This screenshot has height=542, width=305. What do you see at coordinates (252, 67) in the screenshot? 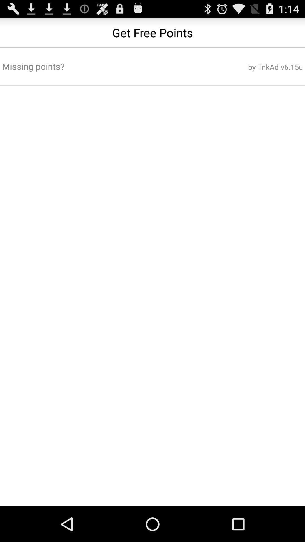
I see `the icon below get free points app` at bounding box center [252, 67].